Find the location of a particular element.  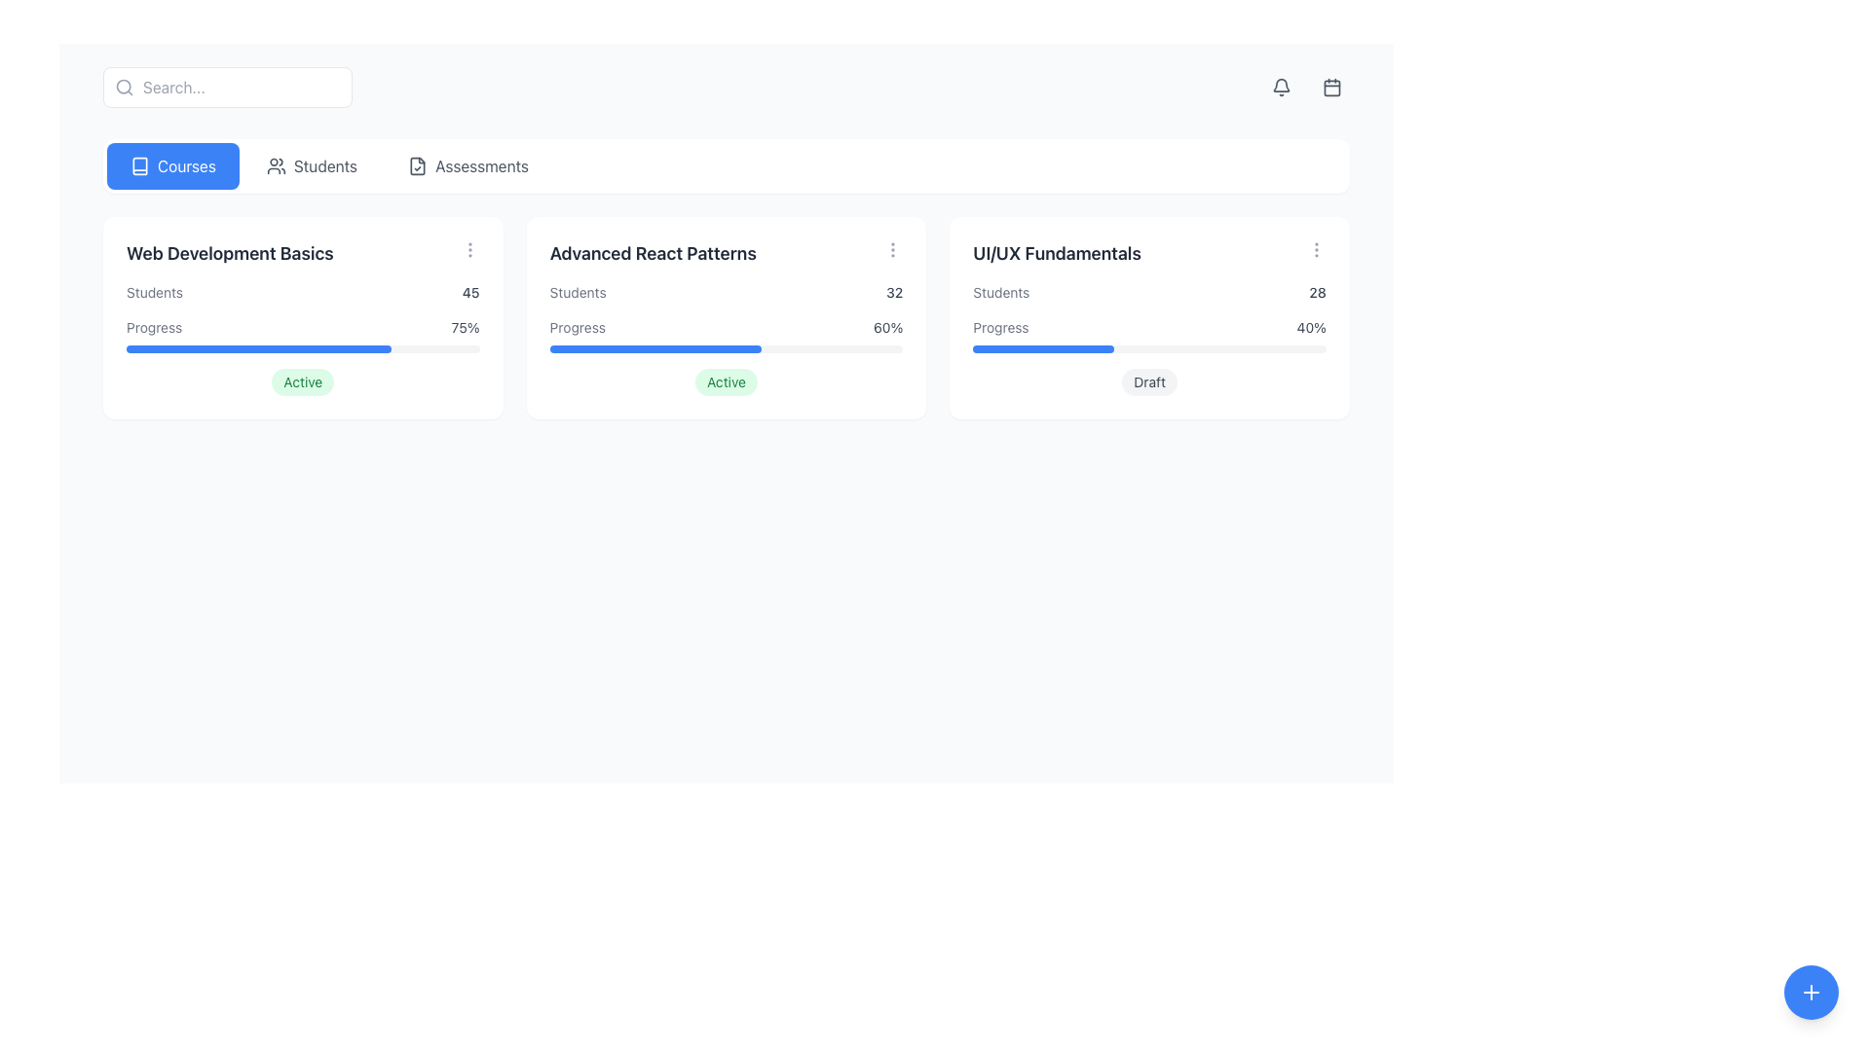

the file document icon, which is an SVG representation of a document file located in the top-right corner of the interface among a set of icons is located at coordinates (417, 164).